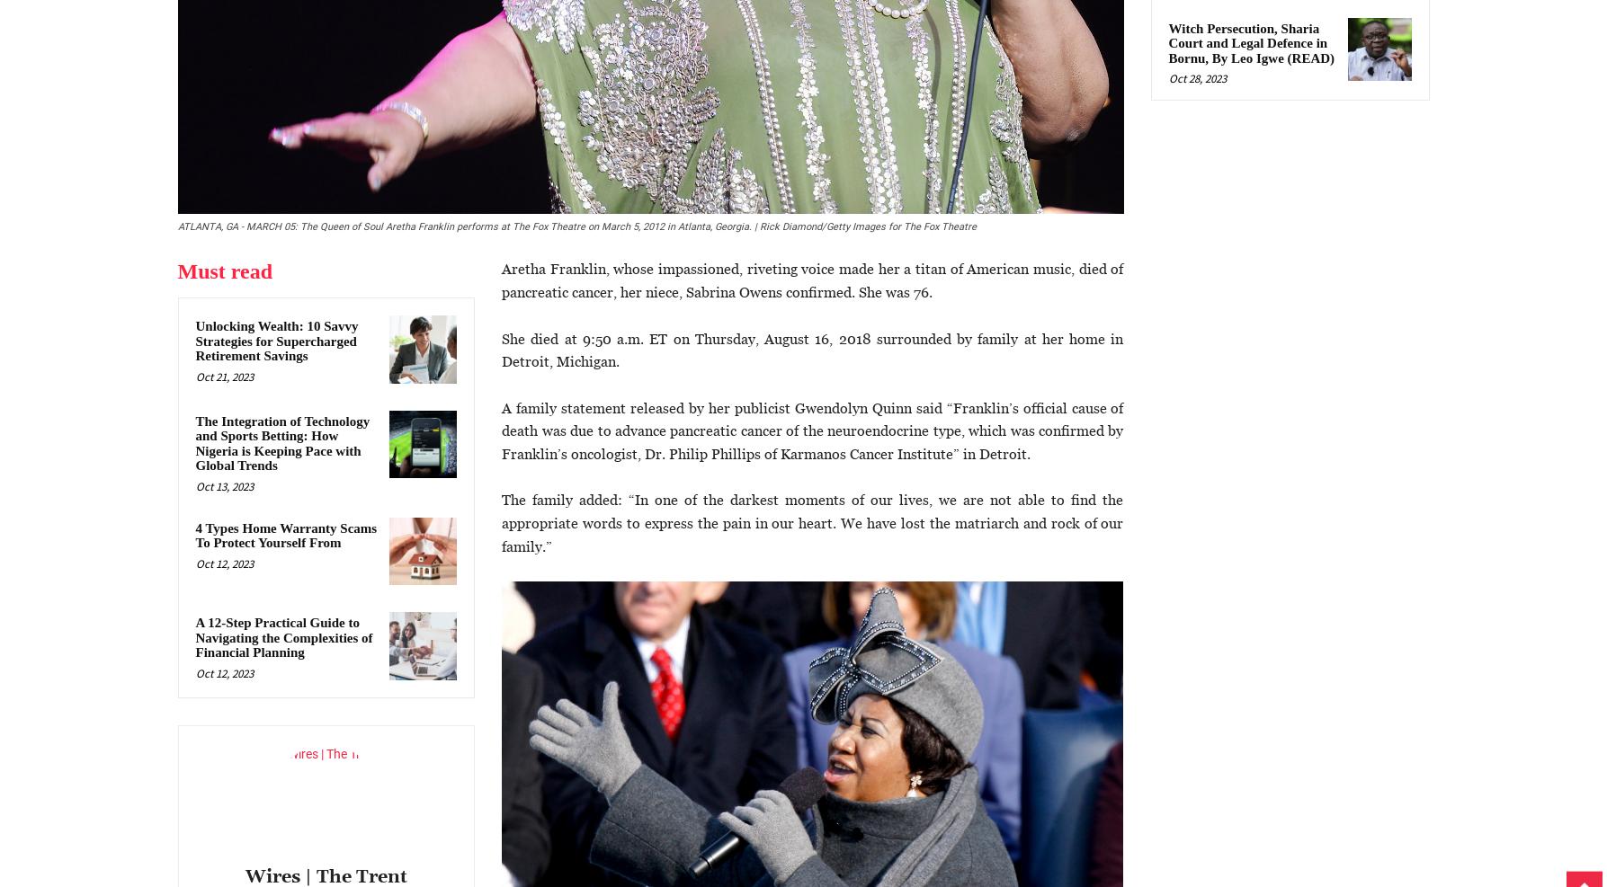 The width and height of the screenshot is (1607, 887). What do you see at coordinates (193, 485) in the screenshot?
I see `'Oct 13, 2023'` at bounding box center [193, 485].